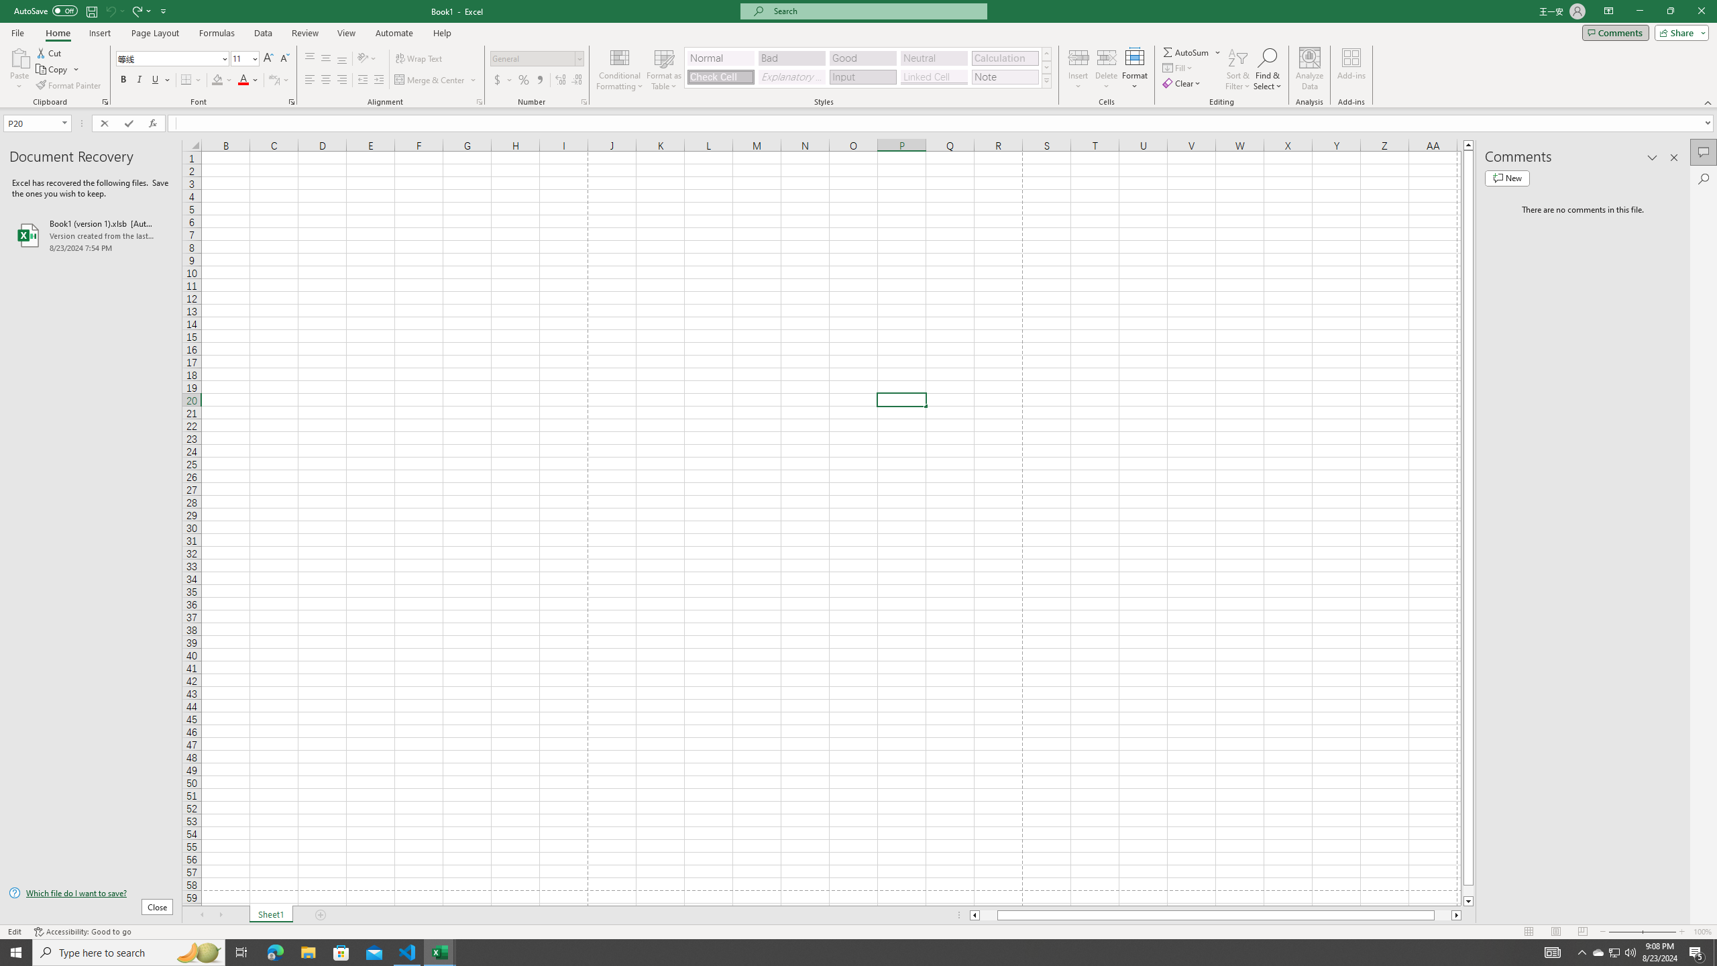  What do you see at coordinates (933, 58) in the screenshot?
I see `'Neutral'` at bounding box center [933, 58].